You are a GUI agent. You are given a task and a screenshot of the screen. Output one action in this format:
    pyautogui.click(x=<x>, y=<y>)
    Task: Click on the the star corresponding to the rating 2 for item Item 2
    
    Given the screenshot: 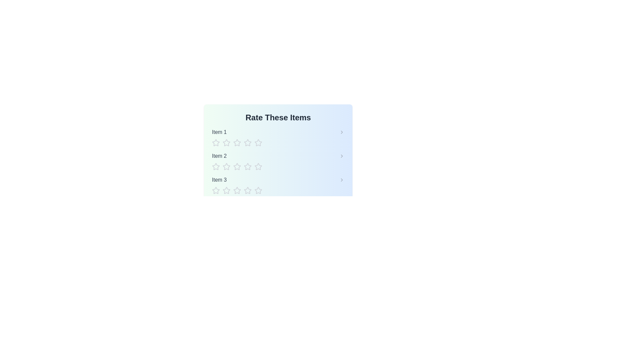 What is the action you would take?
    pyautogui.click(x=227, y=166)
    